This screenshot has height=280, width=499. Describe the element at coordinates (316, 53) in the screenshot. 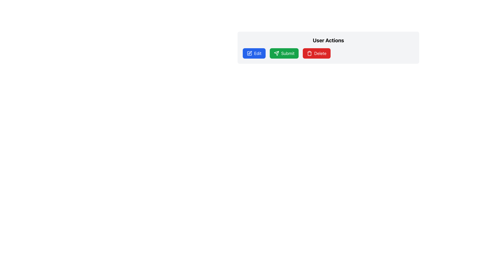

I see `the red 'Delete' button with white text and a trashcan icon located in the third position of the button group` at that location.